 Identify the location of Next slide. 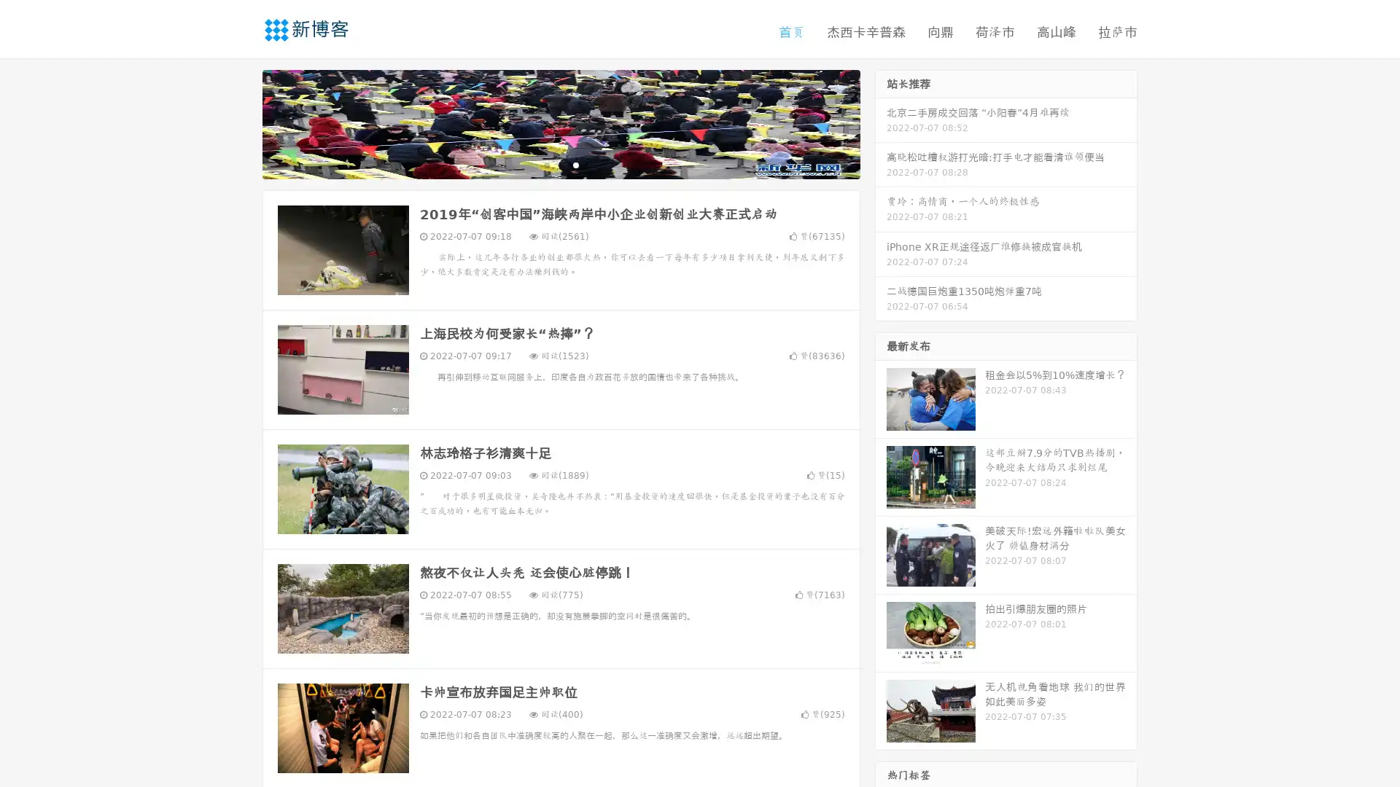
(881, 122).